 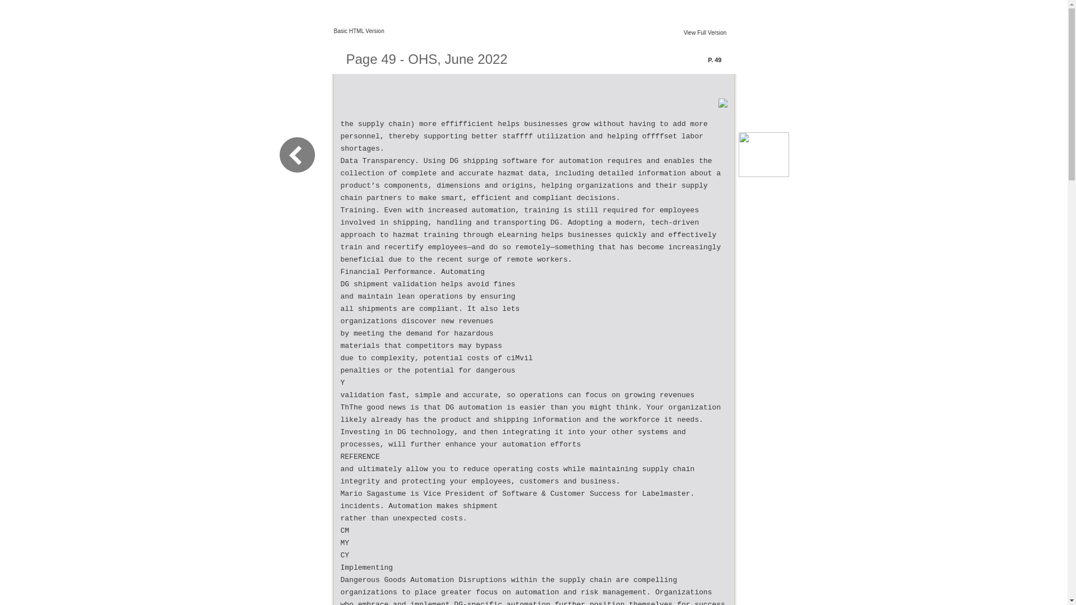 I want to click on 'View Full Version', so click(x=704, y=31).